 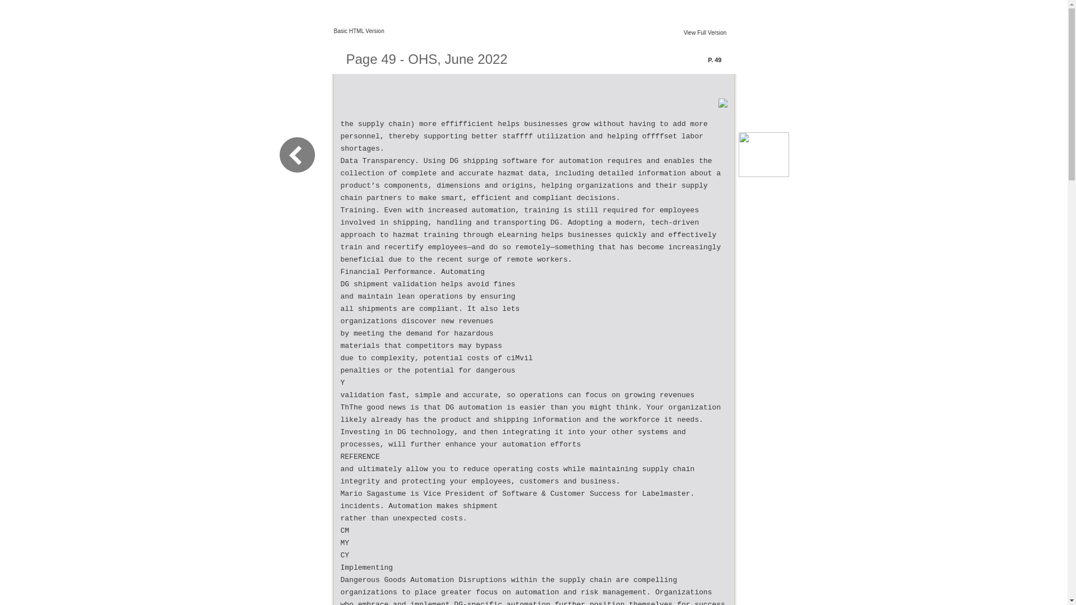 I want to click on 'View Full Version', so click(x=704, y=31).